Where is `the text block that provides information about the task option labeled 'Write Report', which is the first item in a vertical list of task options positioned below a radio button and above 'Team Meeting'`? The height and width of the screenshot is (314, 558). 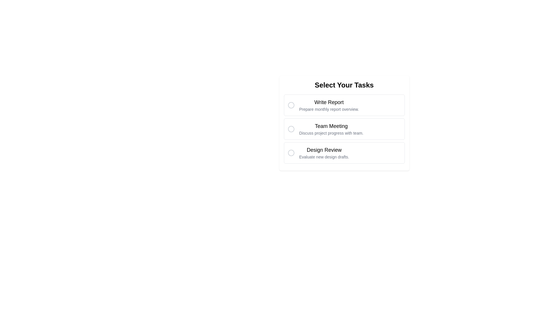
the text block that provides information about the task option labeled 'Write Report', which is the first item in a vertical list of task options positioned below a radio button and above 'Team Meeting' is located at coordinates (329, 105).